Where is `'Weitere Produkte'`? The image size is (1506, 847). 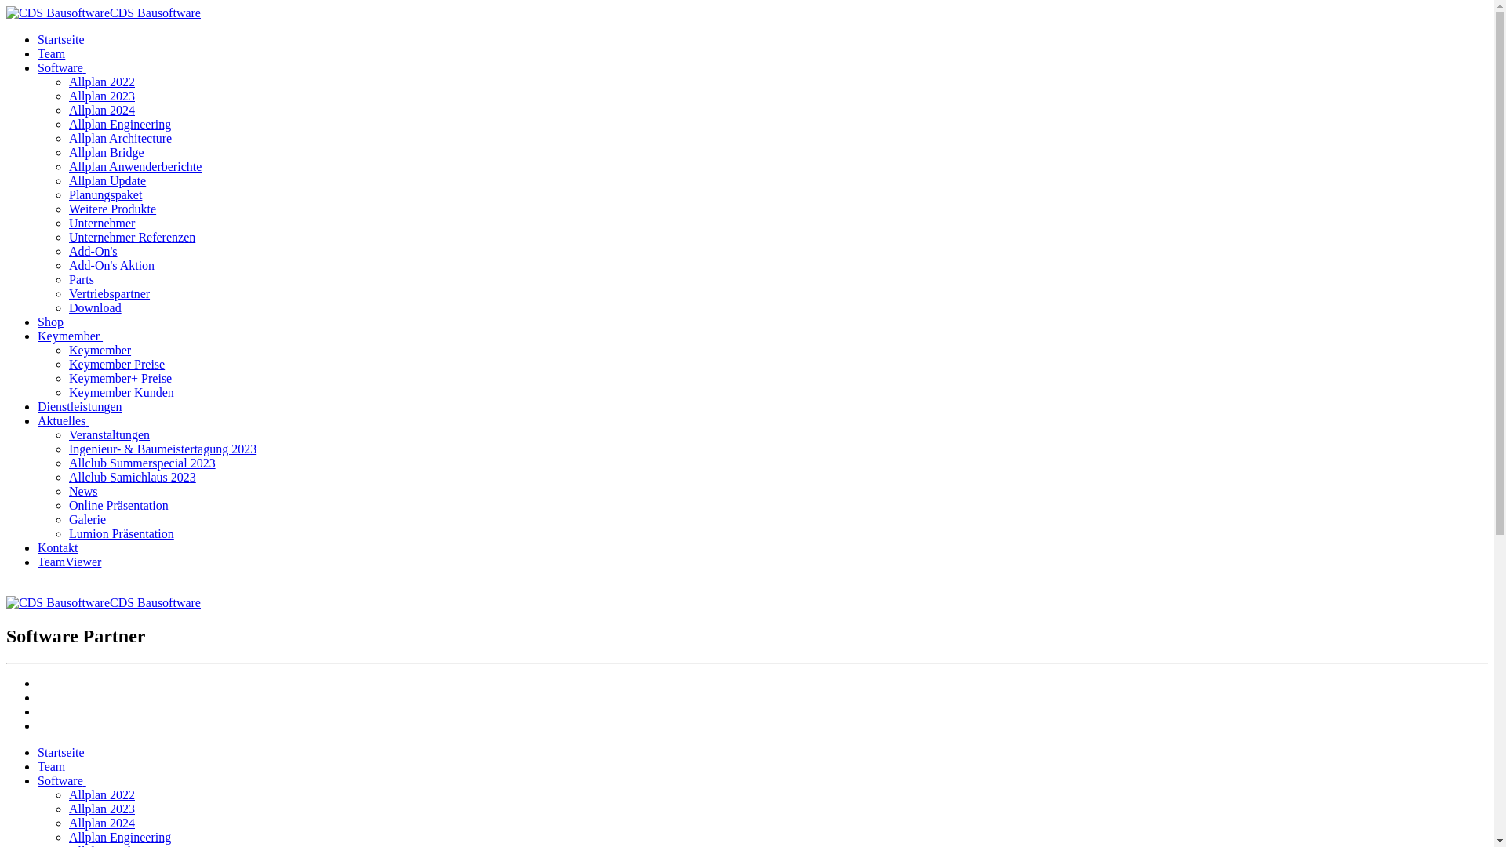 'Weitere Produkte' is located at coordinates (111, 208).